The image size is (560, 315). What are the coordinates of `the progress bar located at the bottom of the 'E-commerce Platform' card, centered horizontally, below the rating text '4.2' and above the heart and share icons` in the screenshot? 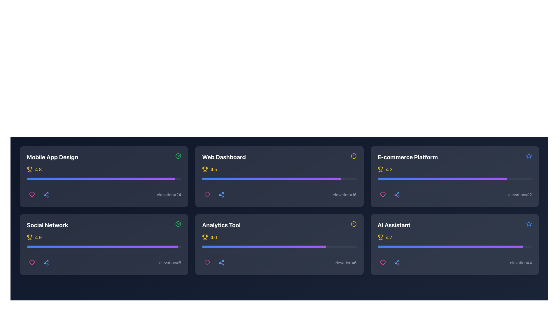 It's located at (454, 178).